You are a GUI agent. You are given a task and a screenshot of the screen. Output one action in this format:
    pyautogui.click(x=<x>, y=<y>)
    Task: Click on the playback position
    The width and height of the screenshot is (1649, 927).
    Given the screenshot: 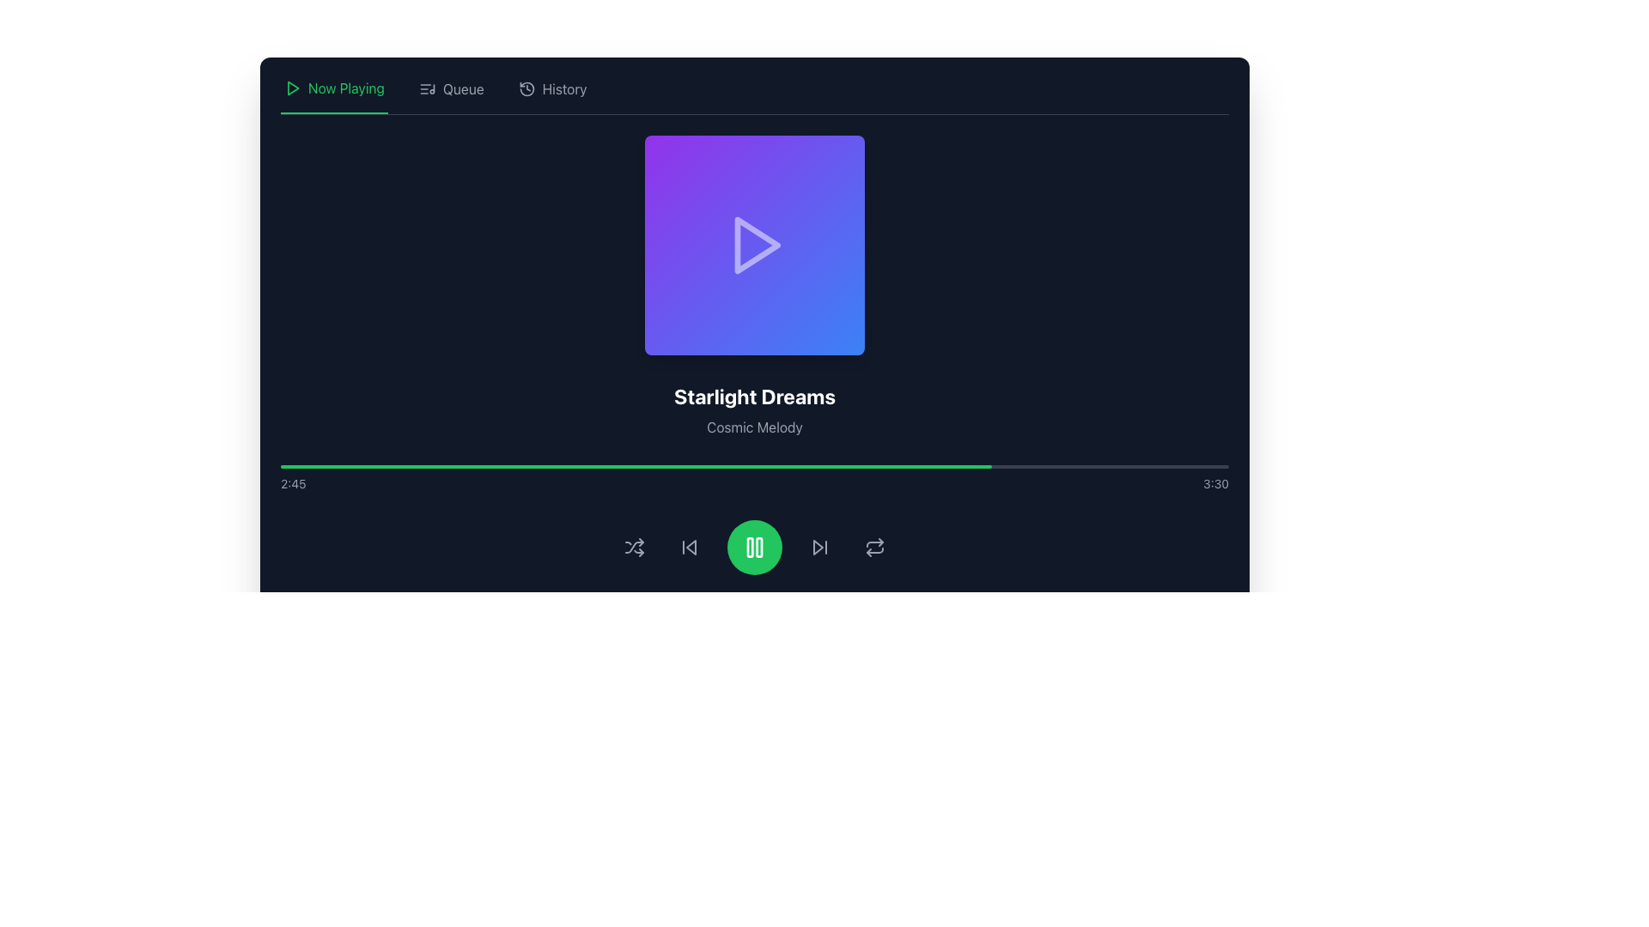 What is the action you would take?
    pyautogui.click(x=323, y=466)
    